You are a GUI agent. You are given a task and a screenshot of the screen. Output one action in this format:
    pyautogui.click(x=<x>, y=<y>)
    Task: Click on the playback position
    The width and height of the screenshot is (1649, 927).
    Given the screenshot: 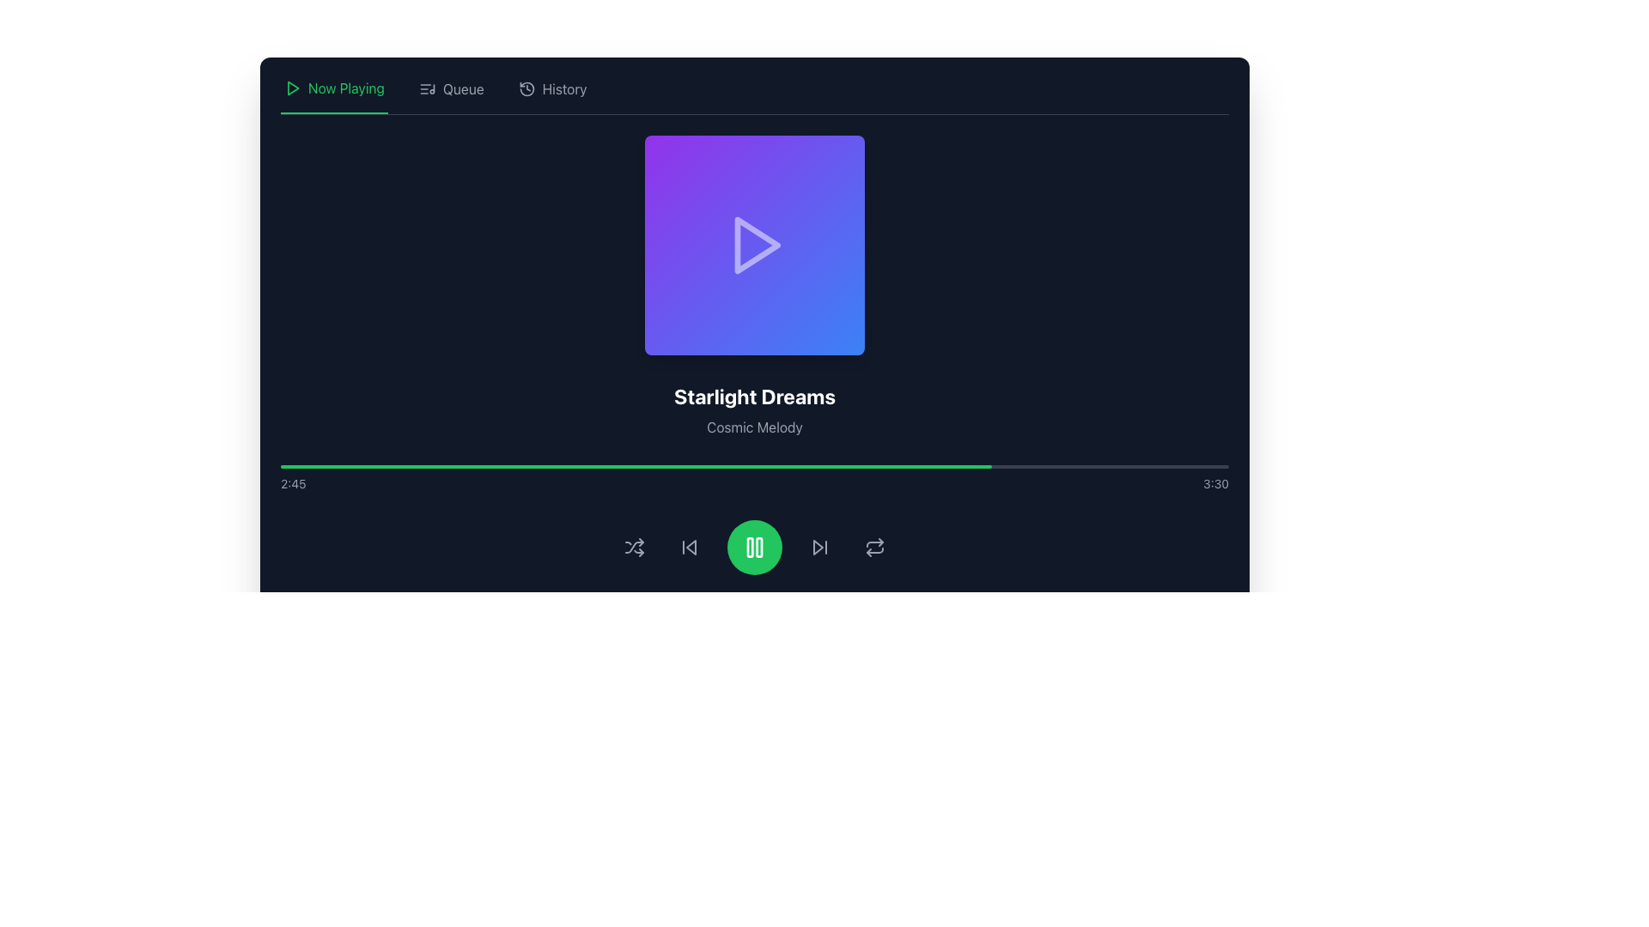 What is the action you would take?
    pyautogui.click(x=323, y=466)
    